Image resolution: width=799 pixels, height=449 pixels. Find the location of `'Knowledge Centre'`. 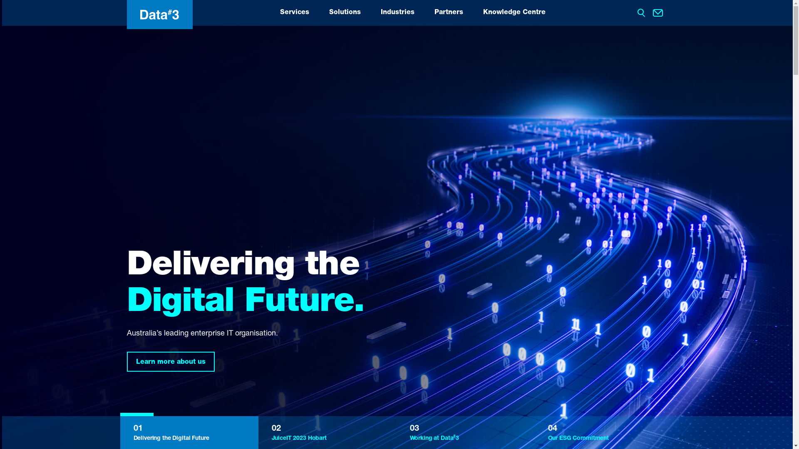

'Knowledge Centre' is located at coordinates (513, 12).